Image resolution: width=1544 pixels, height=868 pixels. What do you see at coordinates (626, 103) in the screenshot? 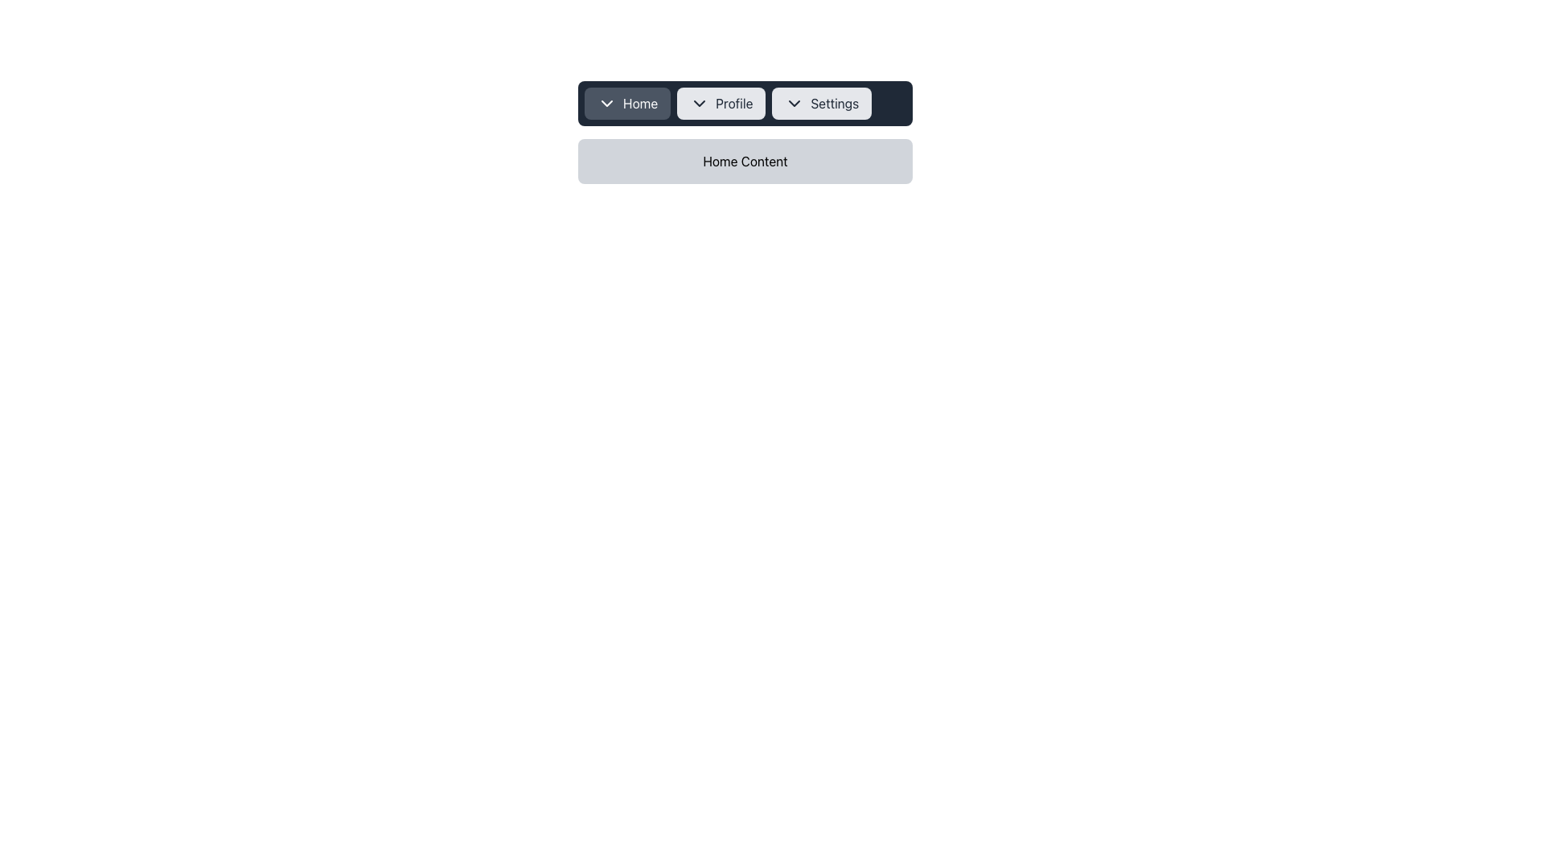
I see `the 'Home' button with a dark gray background and white text in the navigation bar` at bounding box center [626, 103].